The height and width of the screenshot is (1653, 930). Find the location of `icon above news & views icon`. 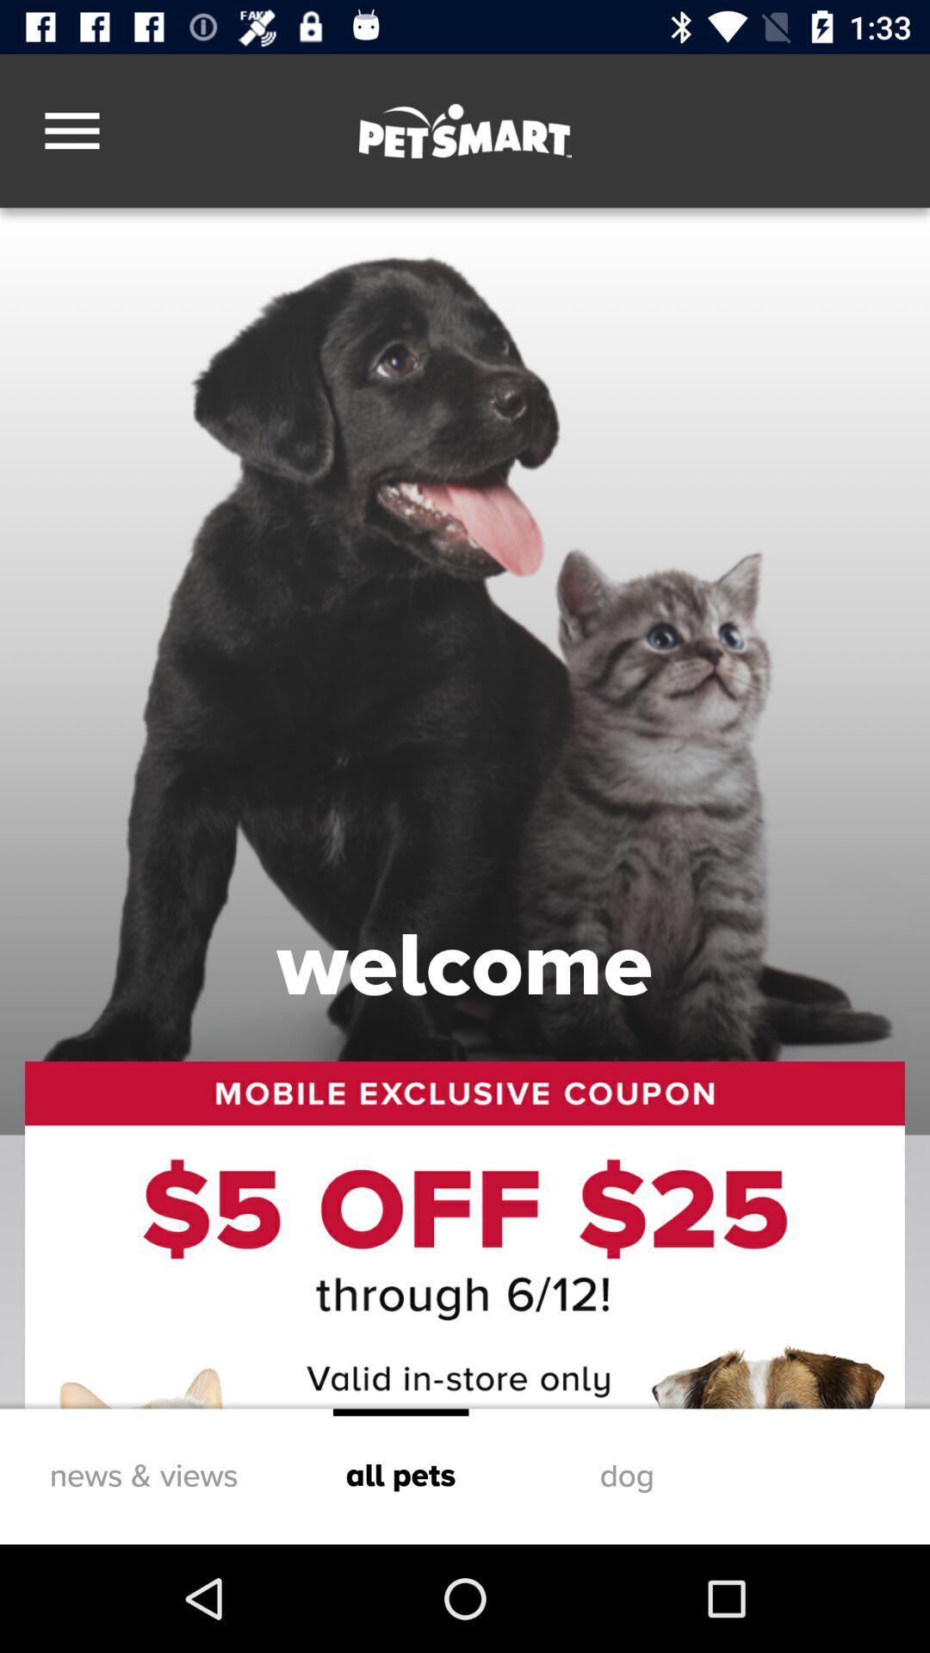

icon above news & views icon is located at coordinates (465, 1234).